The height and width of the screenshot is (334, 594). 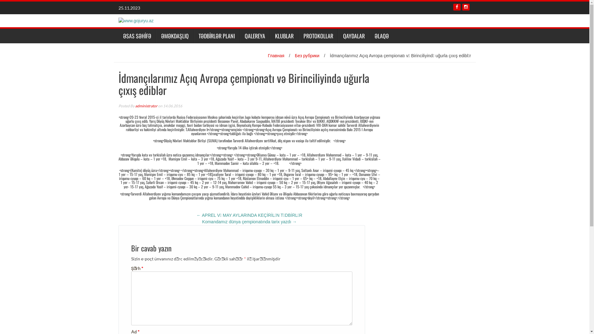 What do you see at coordinates (466, 7) in the screenshot?
I see `'Instagram'` at bounding box center [466, 7].